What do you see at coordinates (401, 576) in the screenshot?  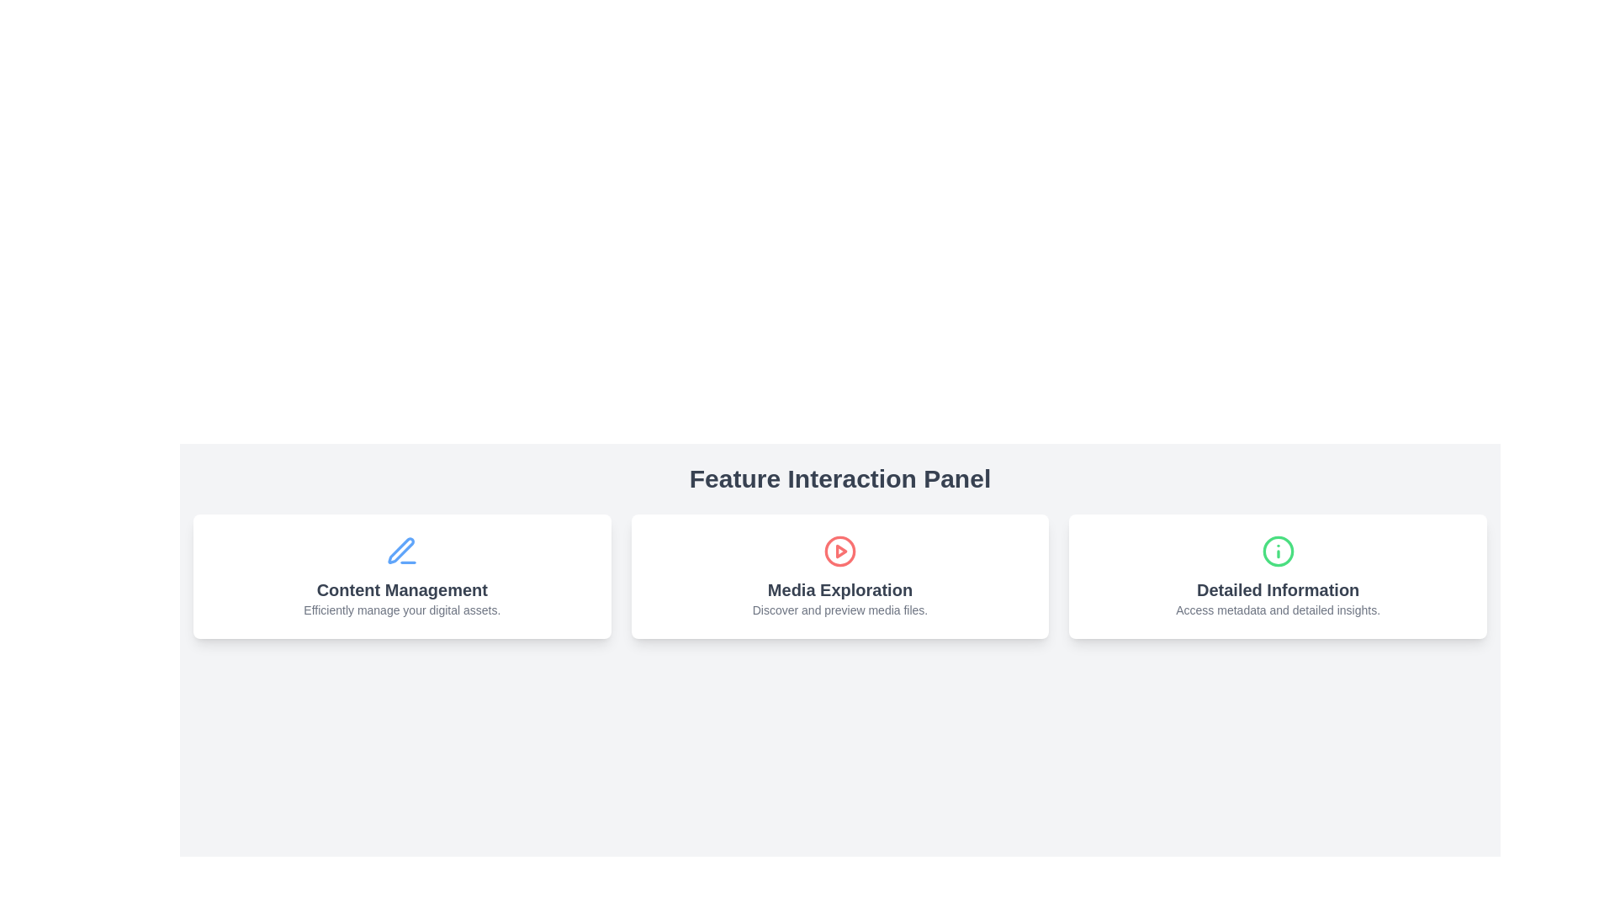 I see `the first navigation card located in the middle center area of the interface` at bounding box center [401, 576].